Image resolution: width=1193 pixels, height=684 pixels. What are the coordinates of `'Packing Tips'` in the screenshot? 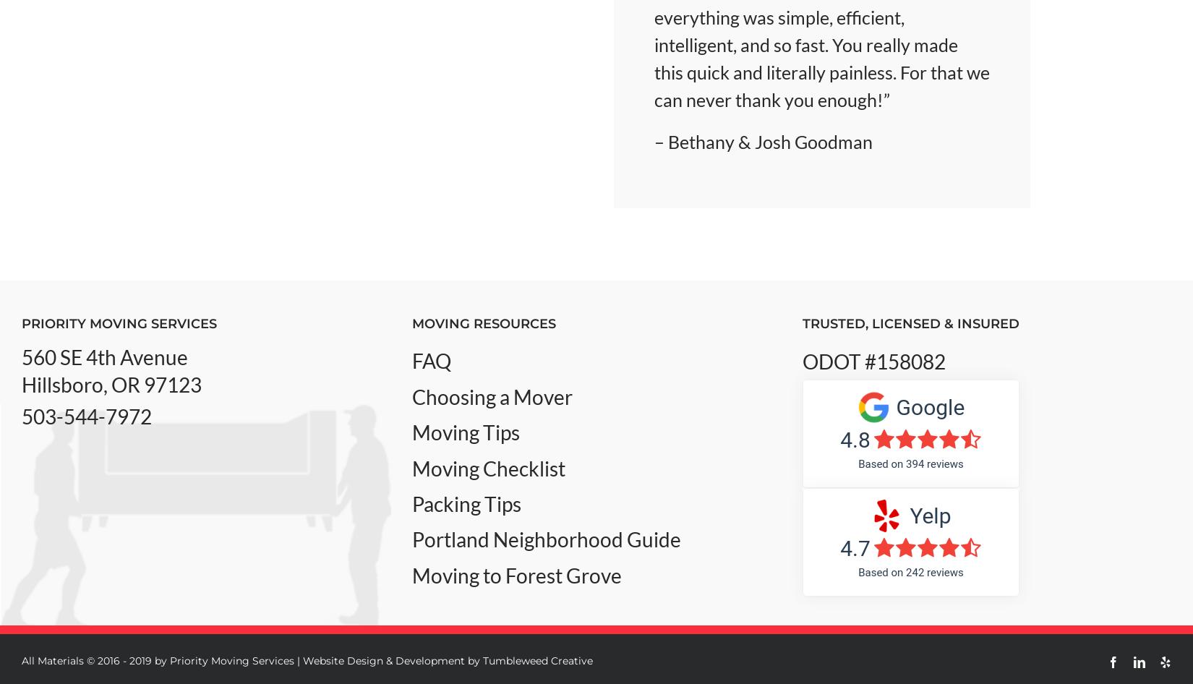 It's located at (465, 503).